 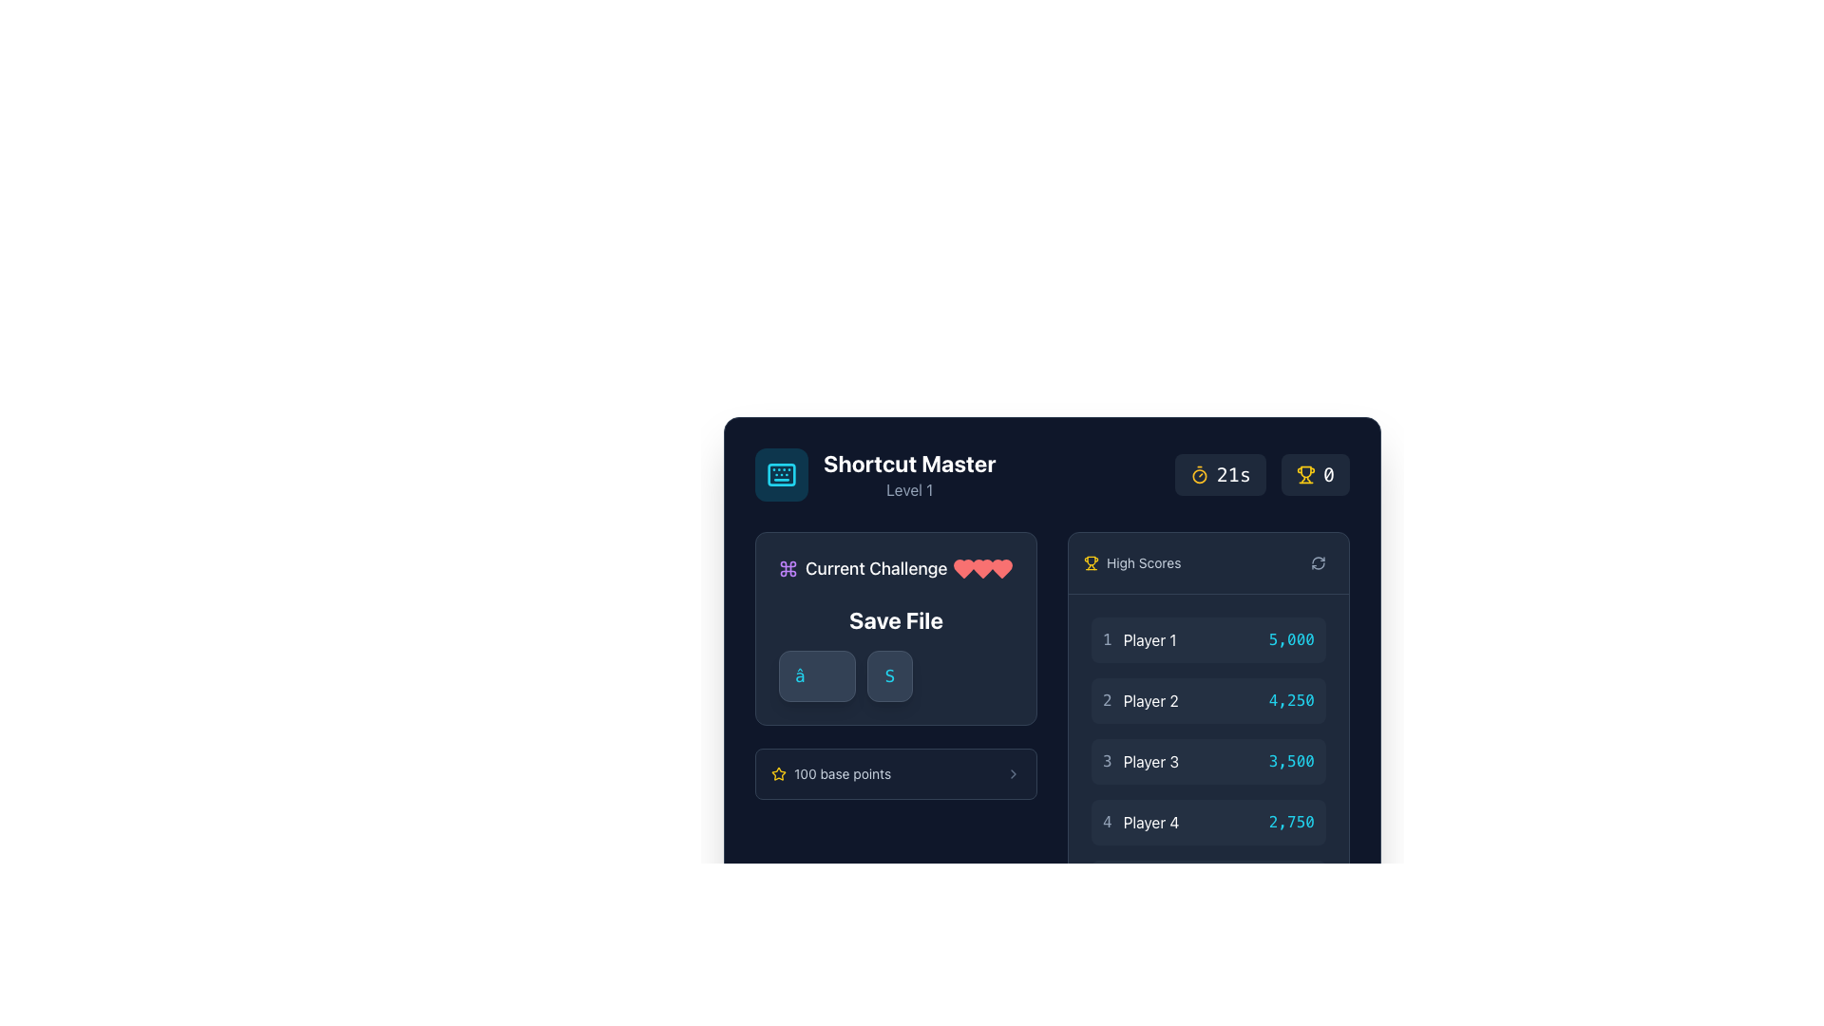 I want to click on the purple icon resembling a command symbol located in the upper-left section of the interface, next to 'Shortcut Master' and above 'Level 1', so click(x=788, y=567).